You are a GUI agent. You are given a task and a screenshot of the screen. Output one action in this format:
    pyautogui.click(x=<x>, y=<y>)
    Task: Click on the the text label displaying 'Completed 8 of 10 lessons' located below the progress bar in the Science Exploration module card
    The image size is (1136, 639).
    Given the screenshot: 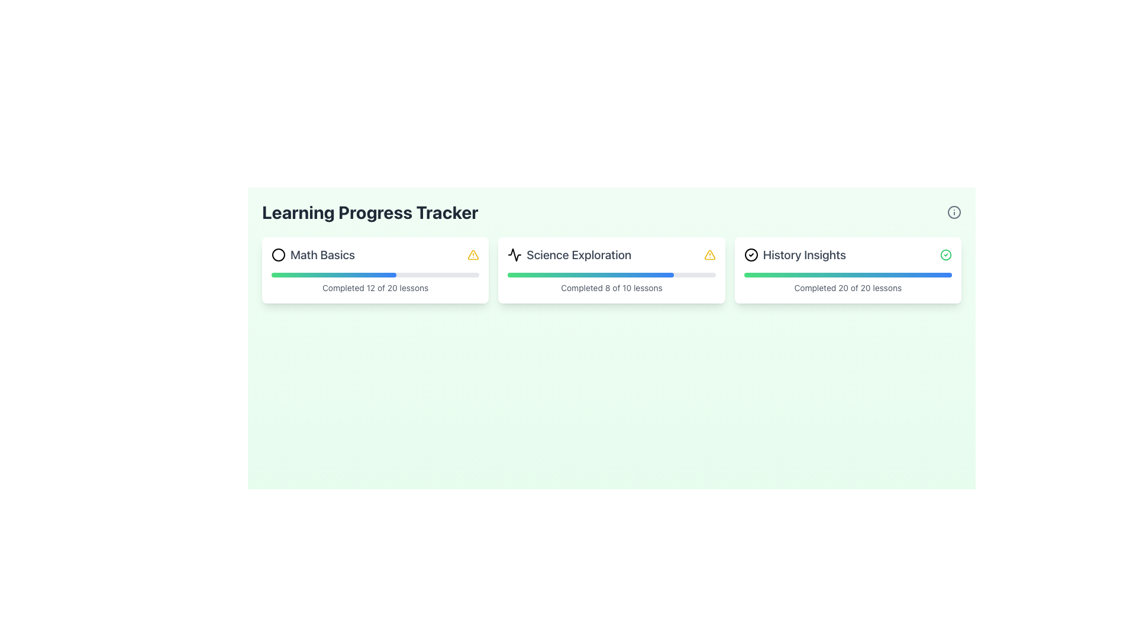 What is the action you would take?
    pyautogui.click(x=611, y=288)
    